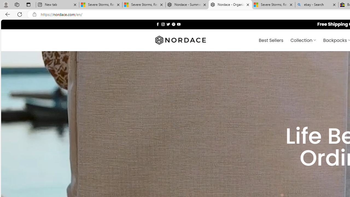  Describe the element at coordinates (163, 24) in the screenshot. I see `'Follow on Instagram'` at that location.